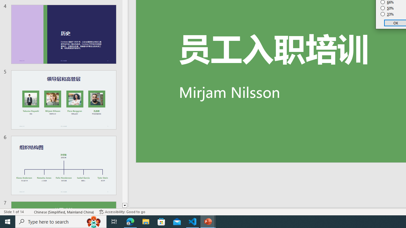 The height and width of the screenshot is (228, 406). Describe the element at coordinates (192, 221) in the screenshot. I see `'Visual Studio Code - 1 running window'` at that location.